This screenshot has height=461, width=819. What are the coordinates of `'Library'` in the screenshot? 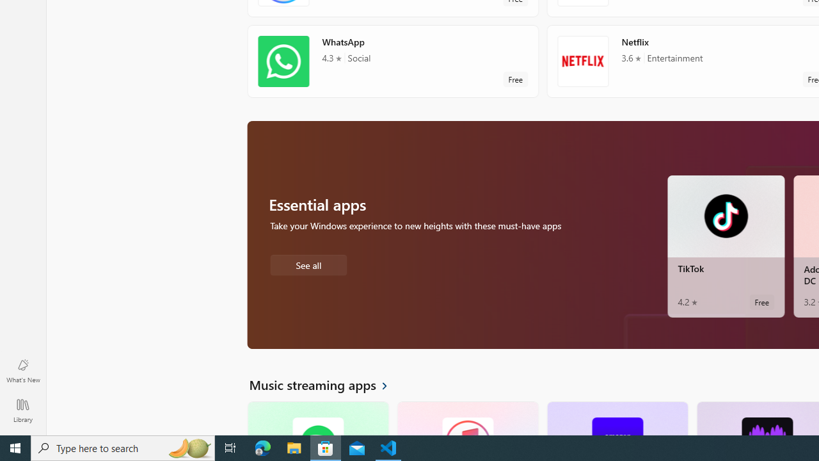 It's located at (22, 410).